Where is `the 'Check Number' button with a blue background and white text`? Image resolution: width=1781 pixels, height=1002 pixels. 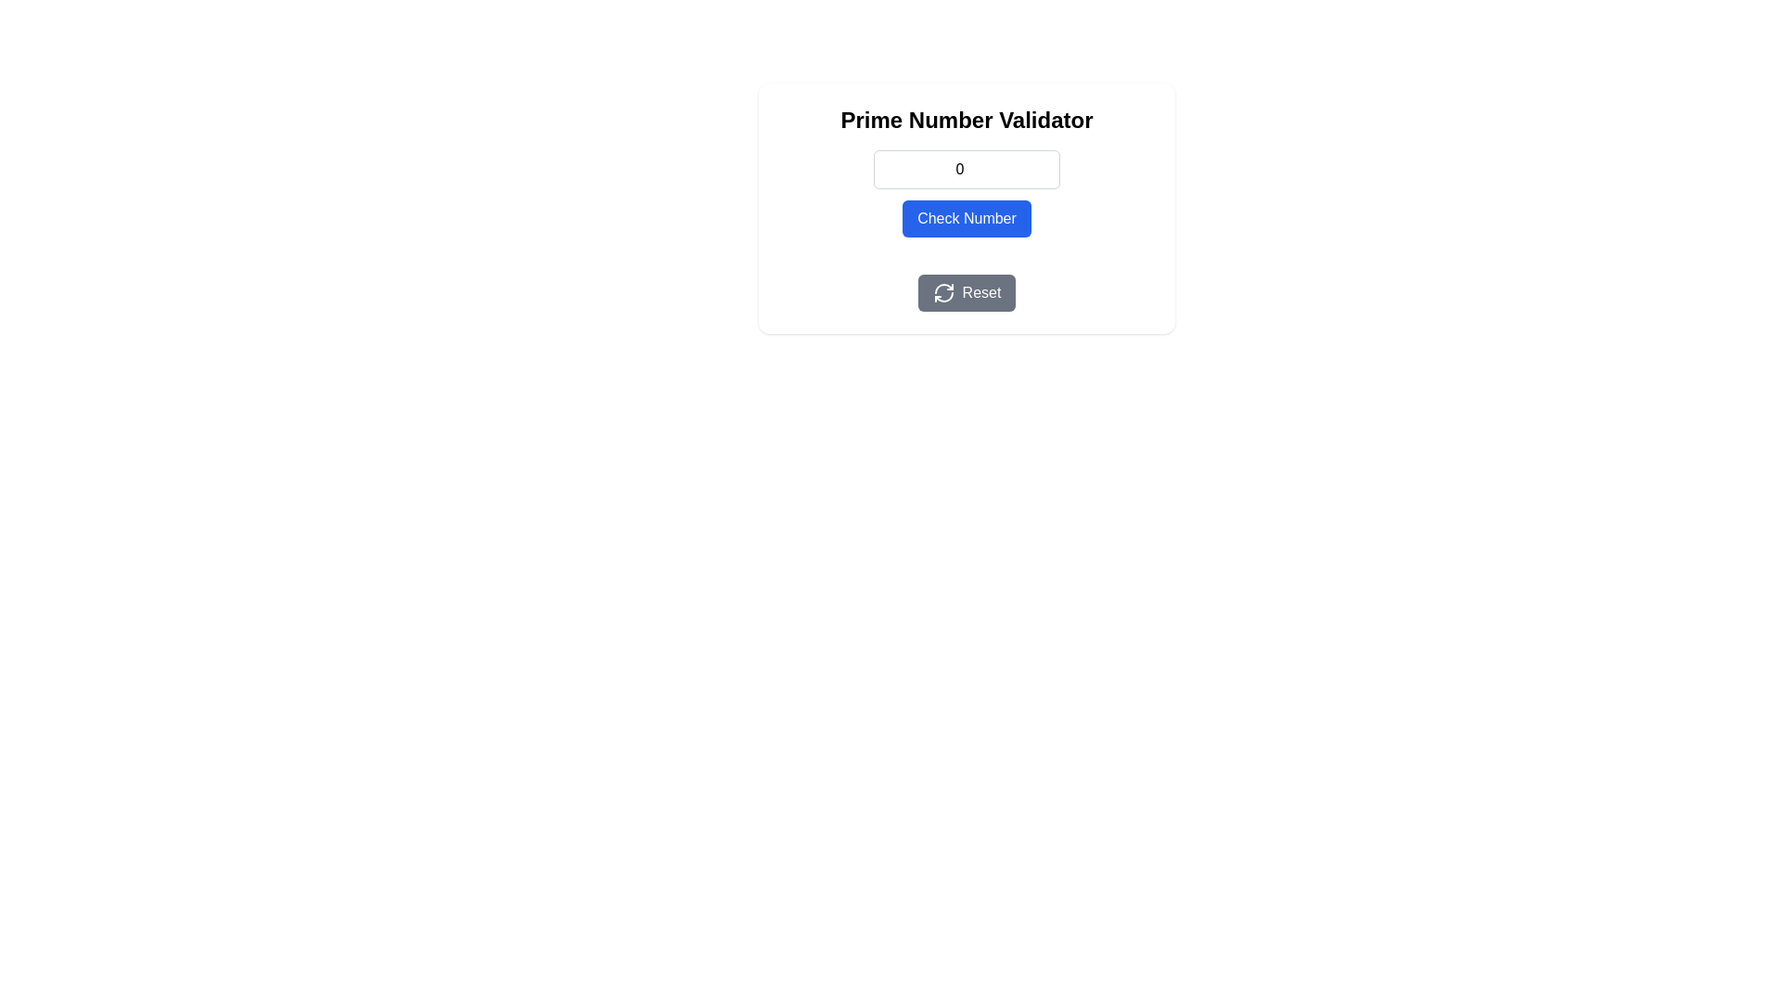 the 'Check Number' button with a blue background and white text is located at coordinates (966, 217).